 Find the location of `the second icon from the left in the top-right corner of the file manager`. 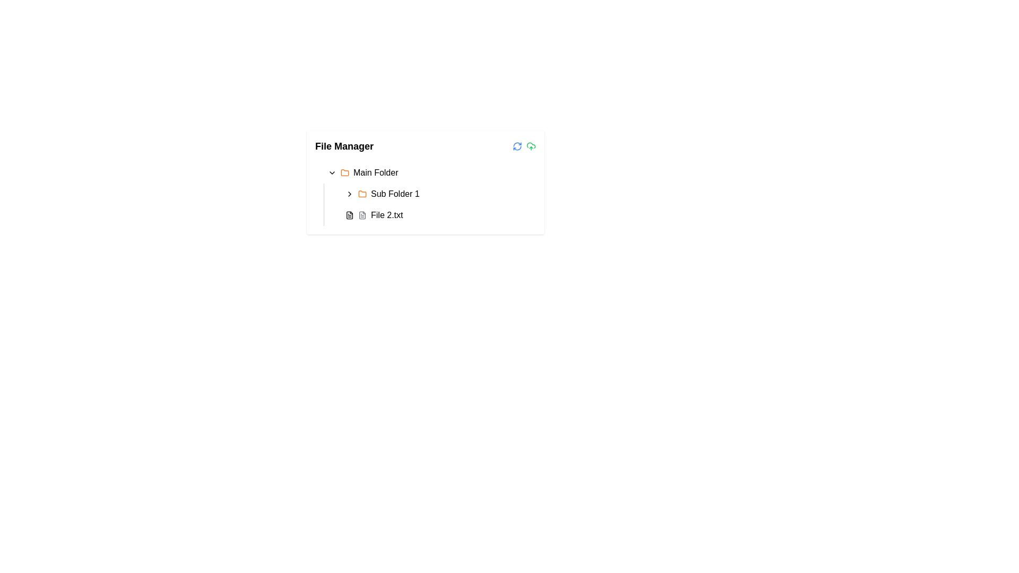

the second icon from the left in the top-right corner of the file manager is located at coordinates (531, 146).